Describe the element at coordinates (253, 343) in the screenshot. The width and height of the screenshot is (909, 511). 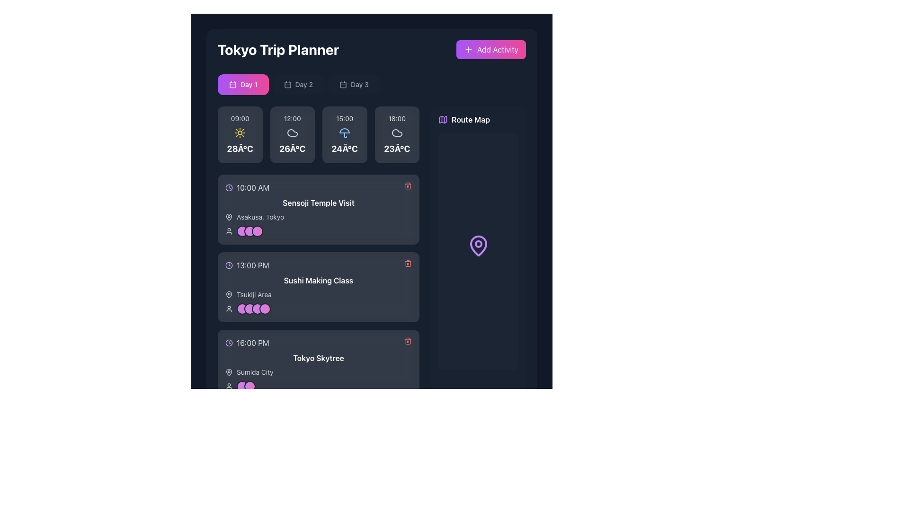
I see `the text label displaying '16:00 PM' in light gray color for additional context` at that location.